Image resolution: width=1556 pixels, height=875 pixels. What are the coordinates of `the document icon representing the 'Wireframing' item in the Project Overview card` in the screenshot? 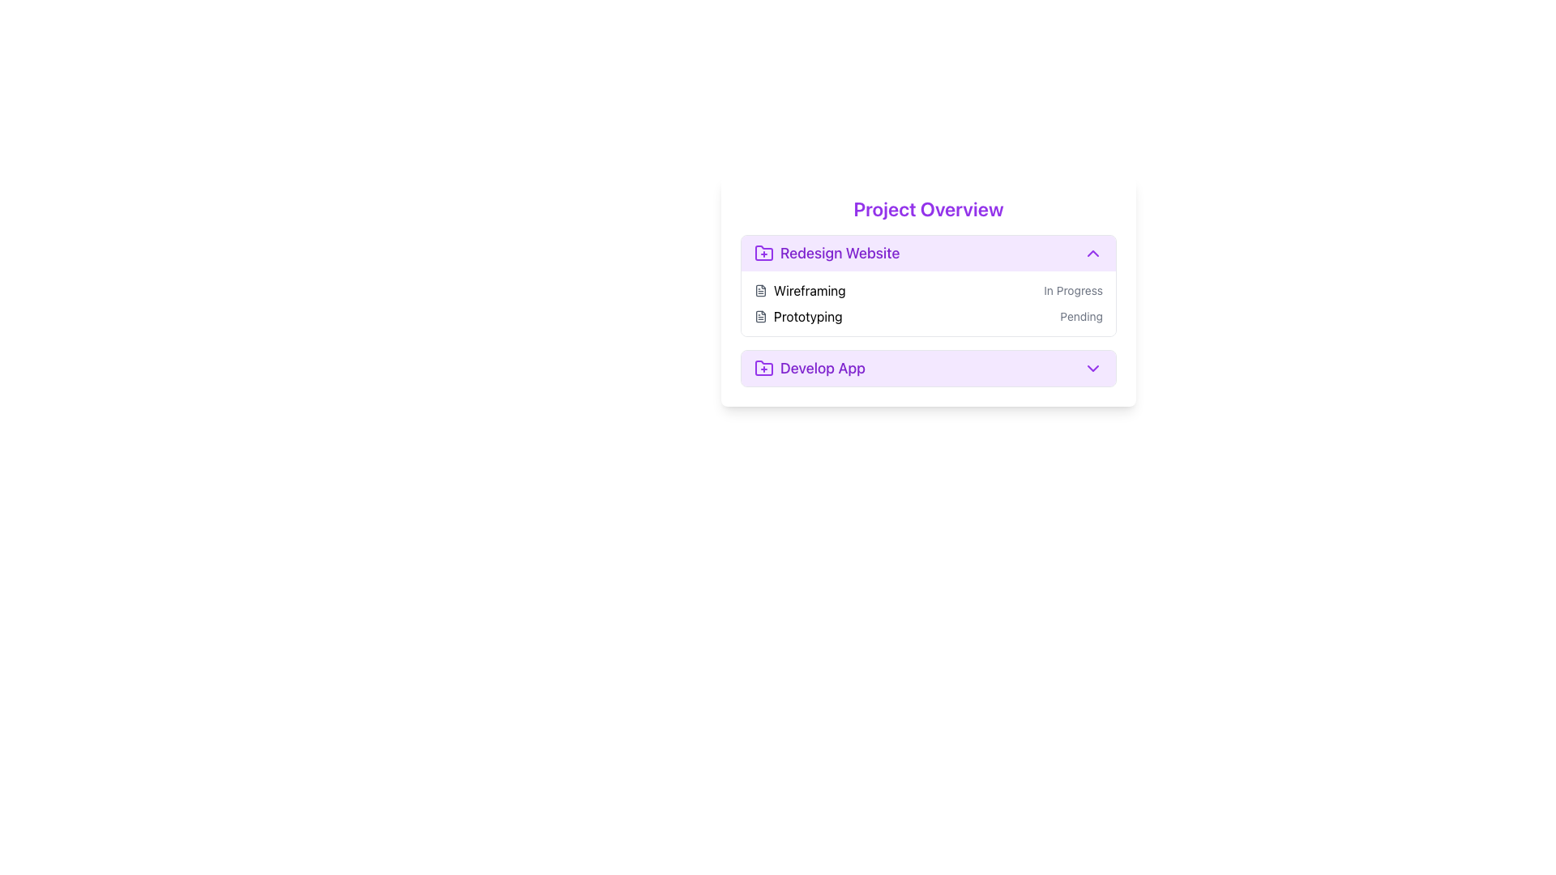 It's located at (760, 289).